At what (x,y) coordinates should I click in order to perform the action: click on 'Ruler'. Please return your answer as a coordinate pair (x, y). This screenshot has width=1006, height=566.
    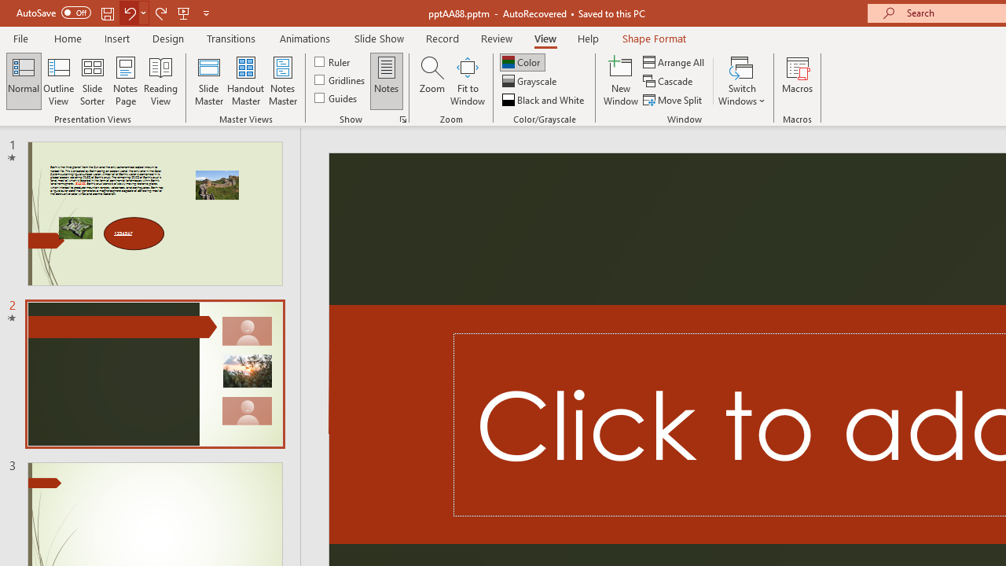
    Looking at the image, I should click on (332, 61).